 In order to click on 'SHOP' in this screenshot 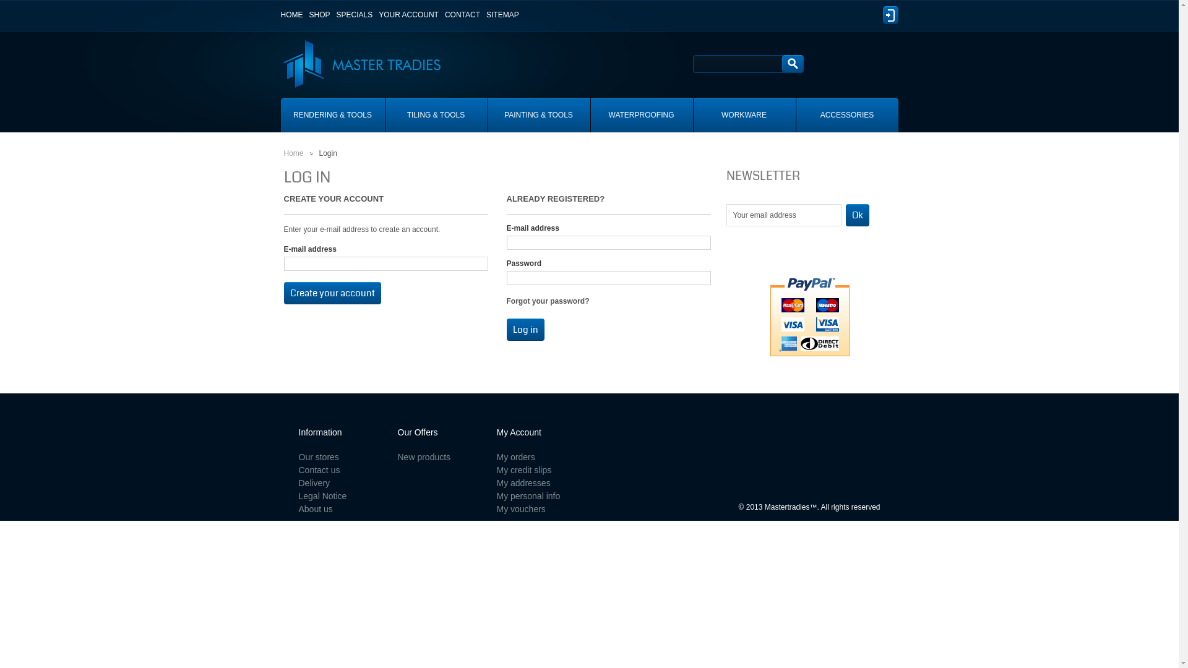, I will do `click(320, 14)`.